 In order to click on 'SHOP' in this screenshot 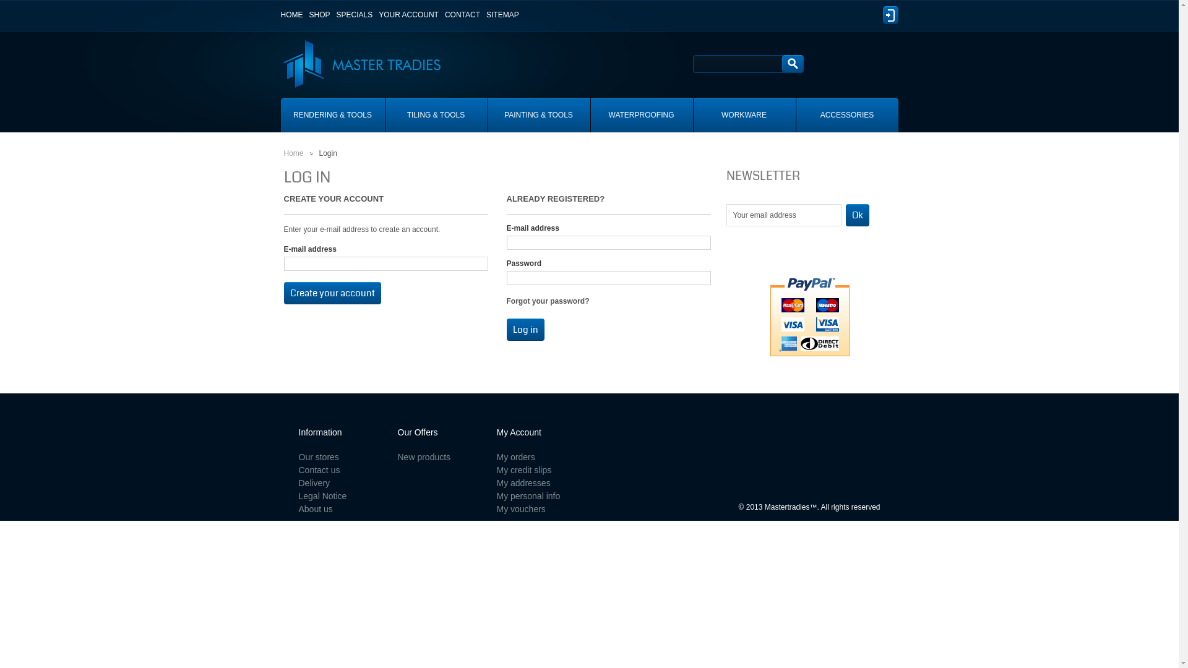, I will do `click(320, 14)`.